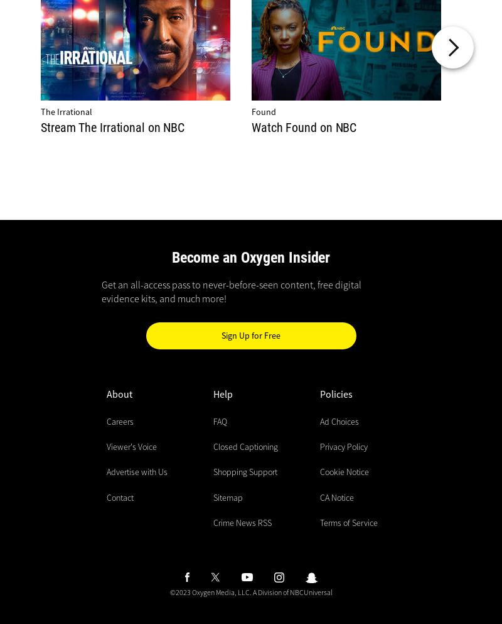 The width and height of the screenshot is (502, 624). I want to click on '©2023 Oxygen Media, LLC.', so click(211, 591).